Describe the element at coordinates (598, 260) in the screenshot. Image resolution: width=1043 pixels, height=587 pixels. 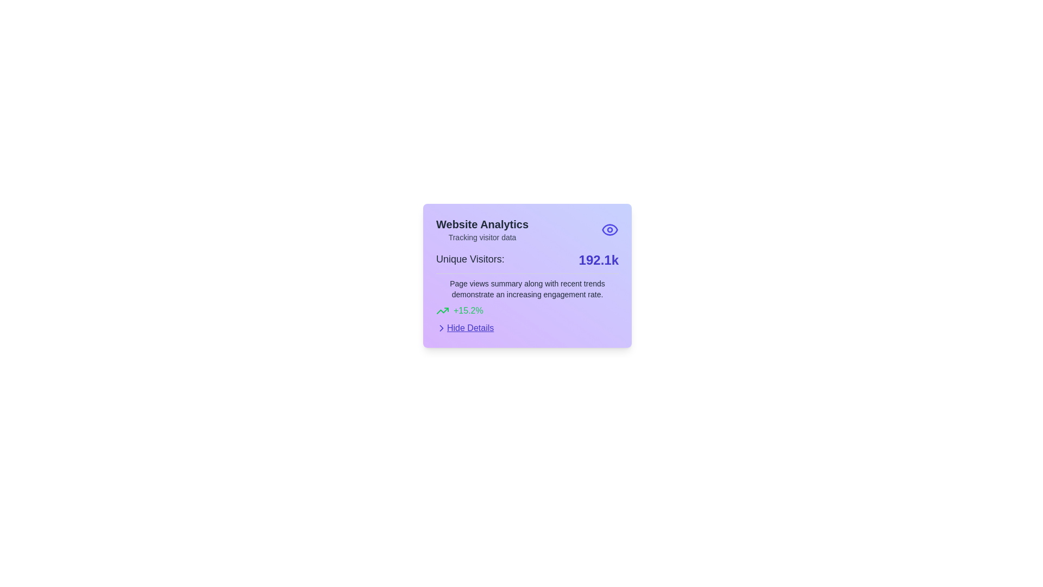
I see `displayed number '192.1k' from the Text label indicating unique visitors, which is located within a flex layout adjacent to the label 'Unique Visitors:' and positioned in the rightmost part of the layout` at that location.